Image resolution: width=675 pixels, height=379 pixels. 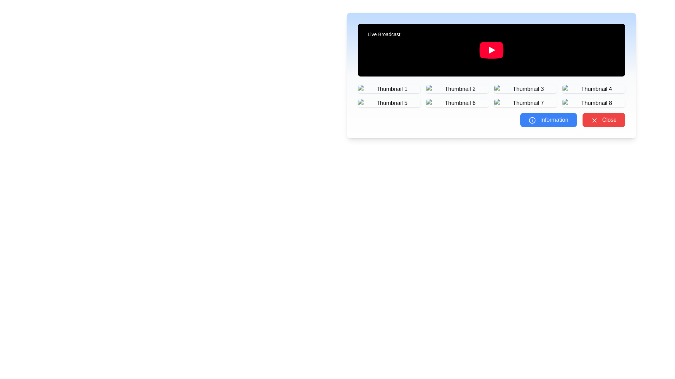 I want to click on the outer circle of the SVG icon located in the middle of the Thumbnail 4 button in the second row of buttons under the video display area, so click(x=593, y=89).